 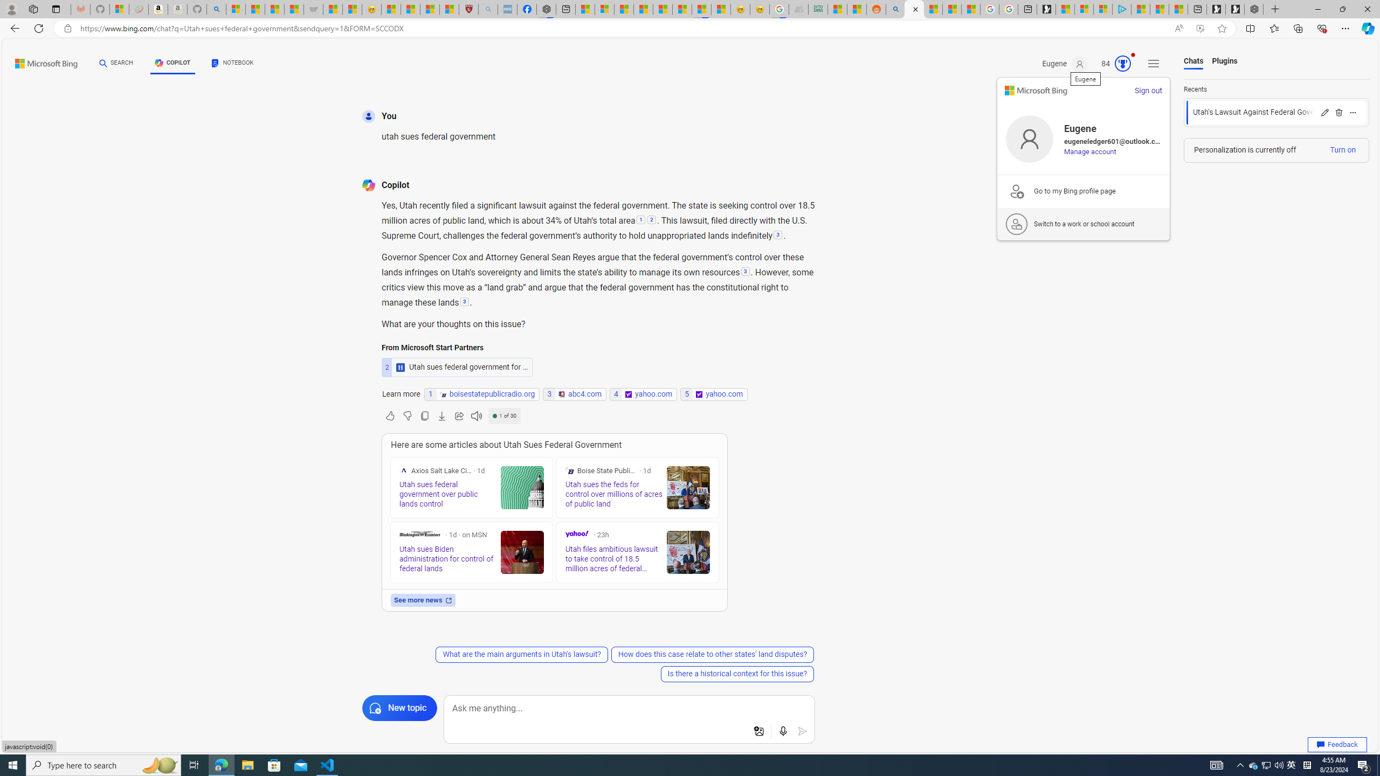 I want to click on 'What are the main arguments in Utah', so click(x=521, y=654).